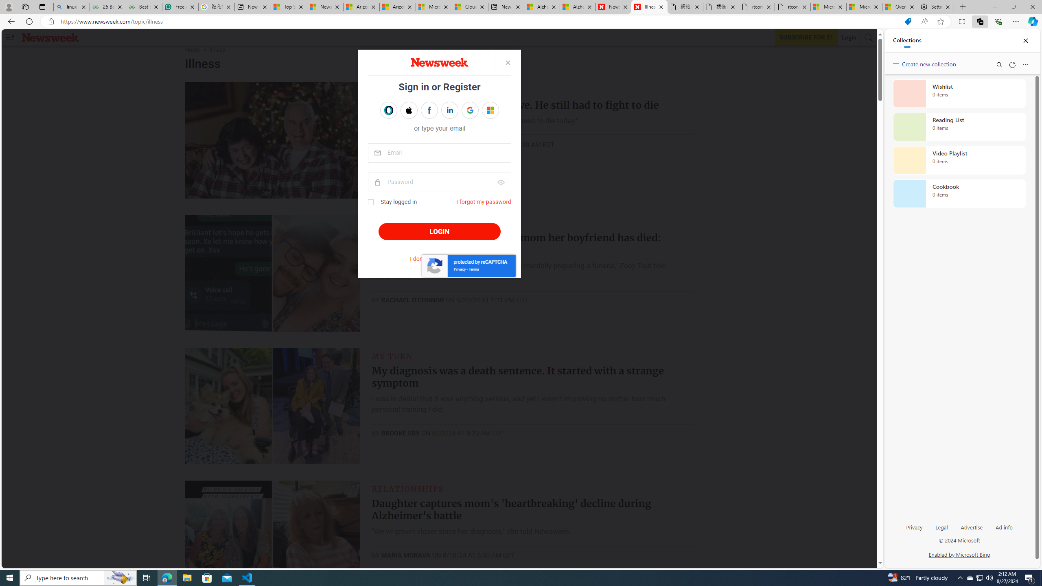 This screenshot has height=586, width=1042. What do you see at coordinates (440, 182) in the screenshot?
I see `'password'` at bounding box center [440, 182].